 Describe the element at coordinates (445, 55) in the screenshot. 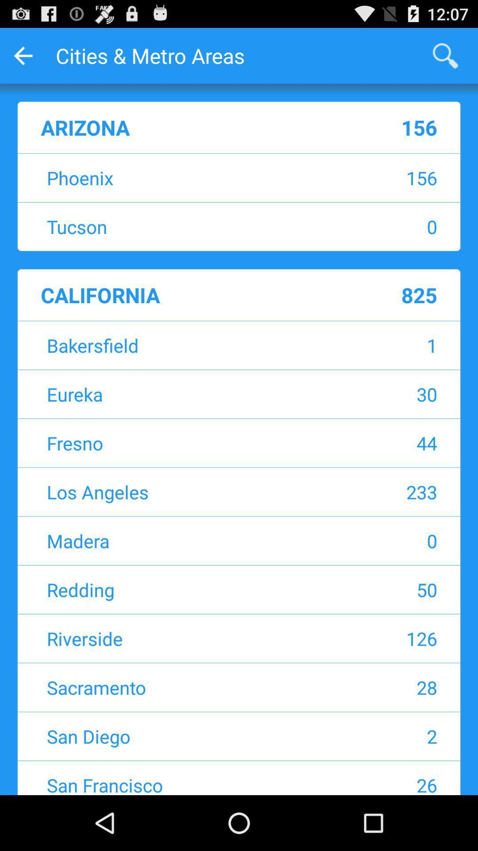

I see `icon next to cities & metro areas app` at that location.